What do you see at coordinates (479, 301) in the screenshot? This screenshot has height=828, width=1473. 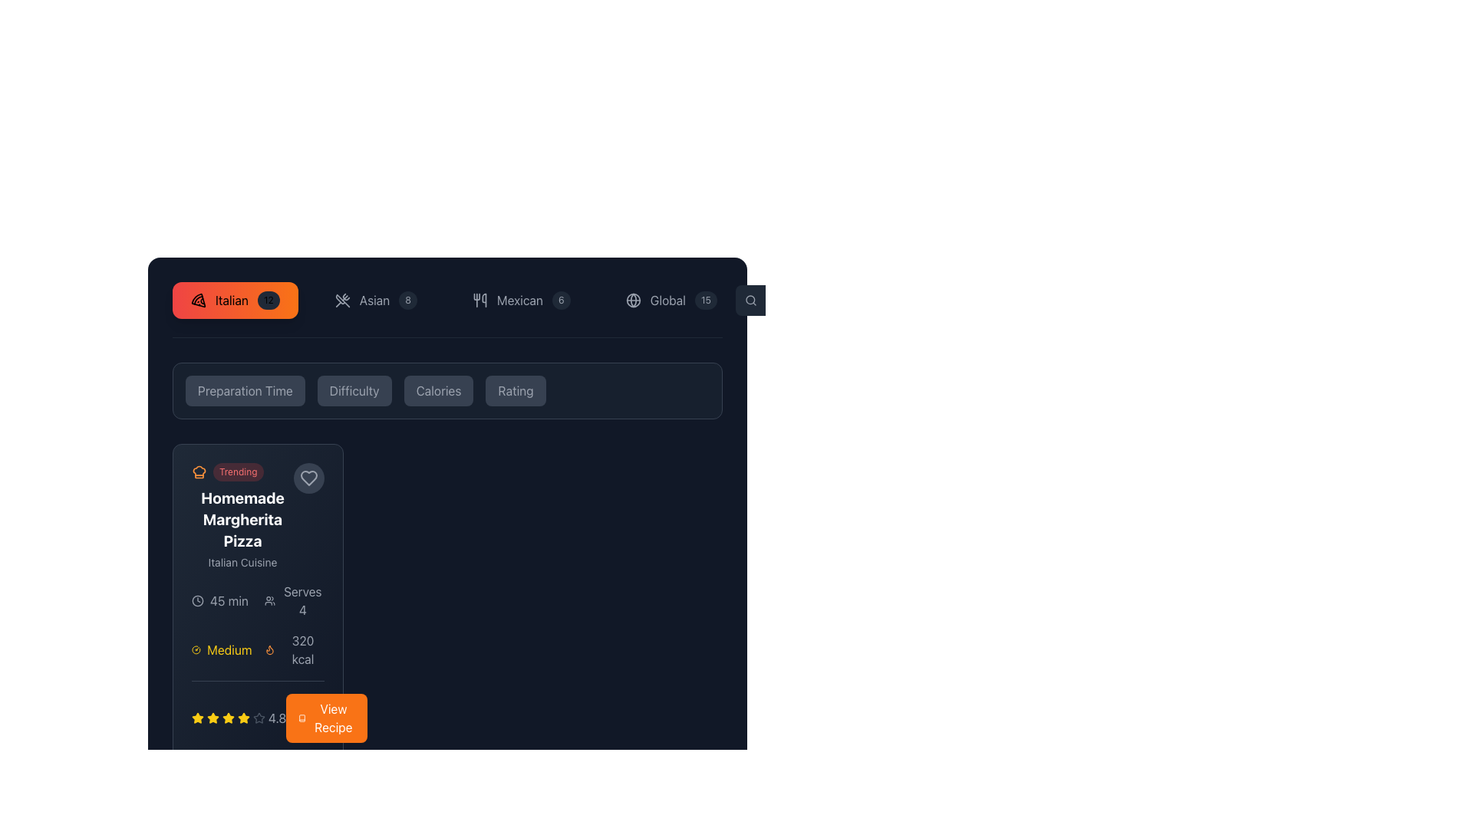 I see `the icon resembling a set of utensils (fork and spoon) located next to the text 'Mexican' in the category selection bar` at bounding box center [479, 301].